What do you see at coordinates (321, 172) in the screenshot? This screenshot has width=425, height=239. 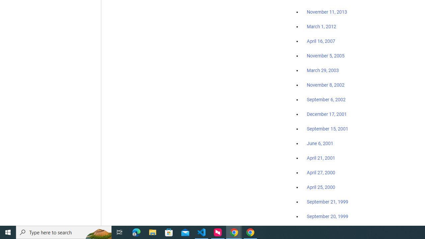 I see `'April 27, 2000'` at bounding box center [321, 172].